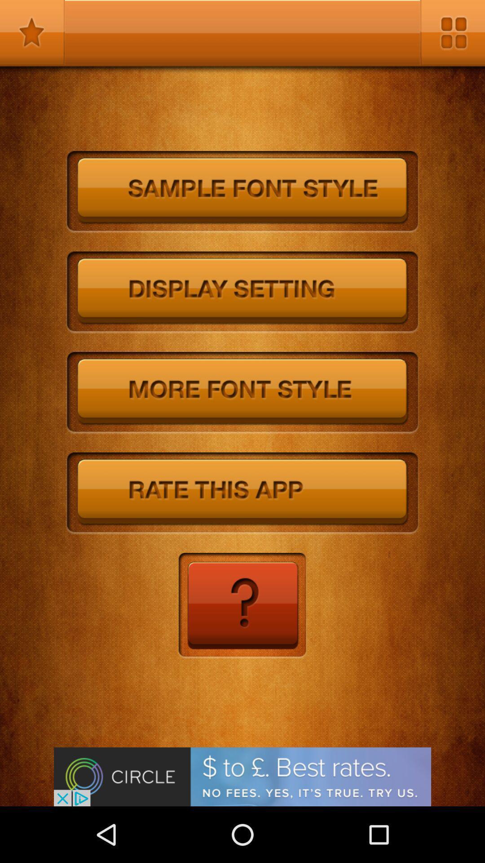  What do you see at coordinates (242, 293) in the screenshot?
I see `display settings button` at bounding box center [242, 293].